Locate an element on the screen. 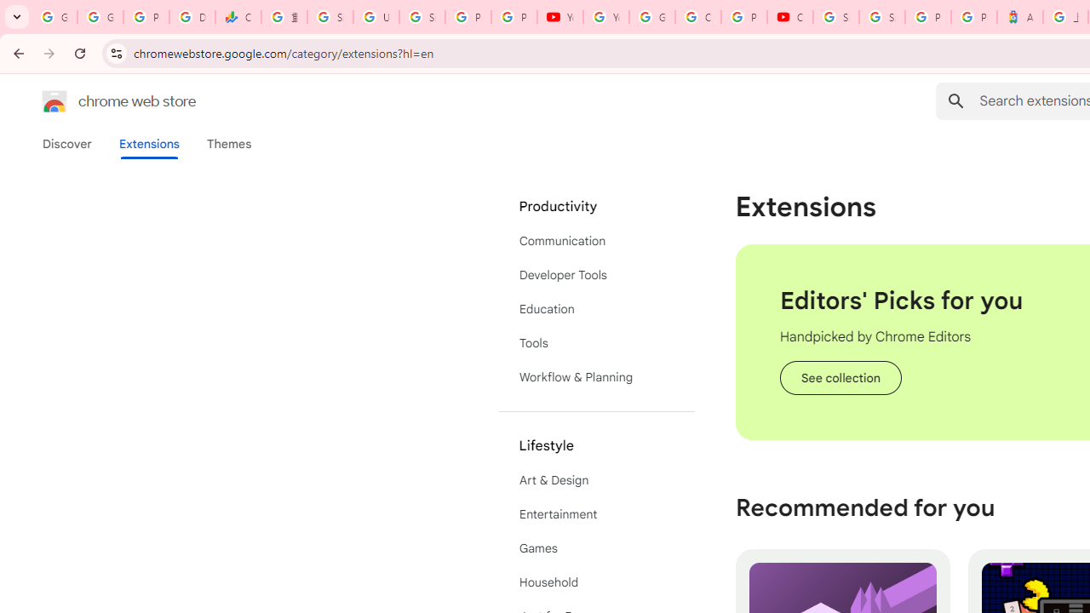  'Chrome Web Store logo chrome web store' is located at coordinates (100, 101).